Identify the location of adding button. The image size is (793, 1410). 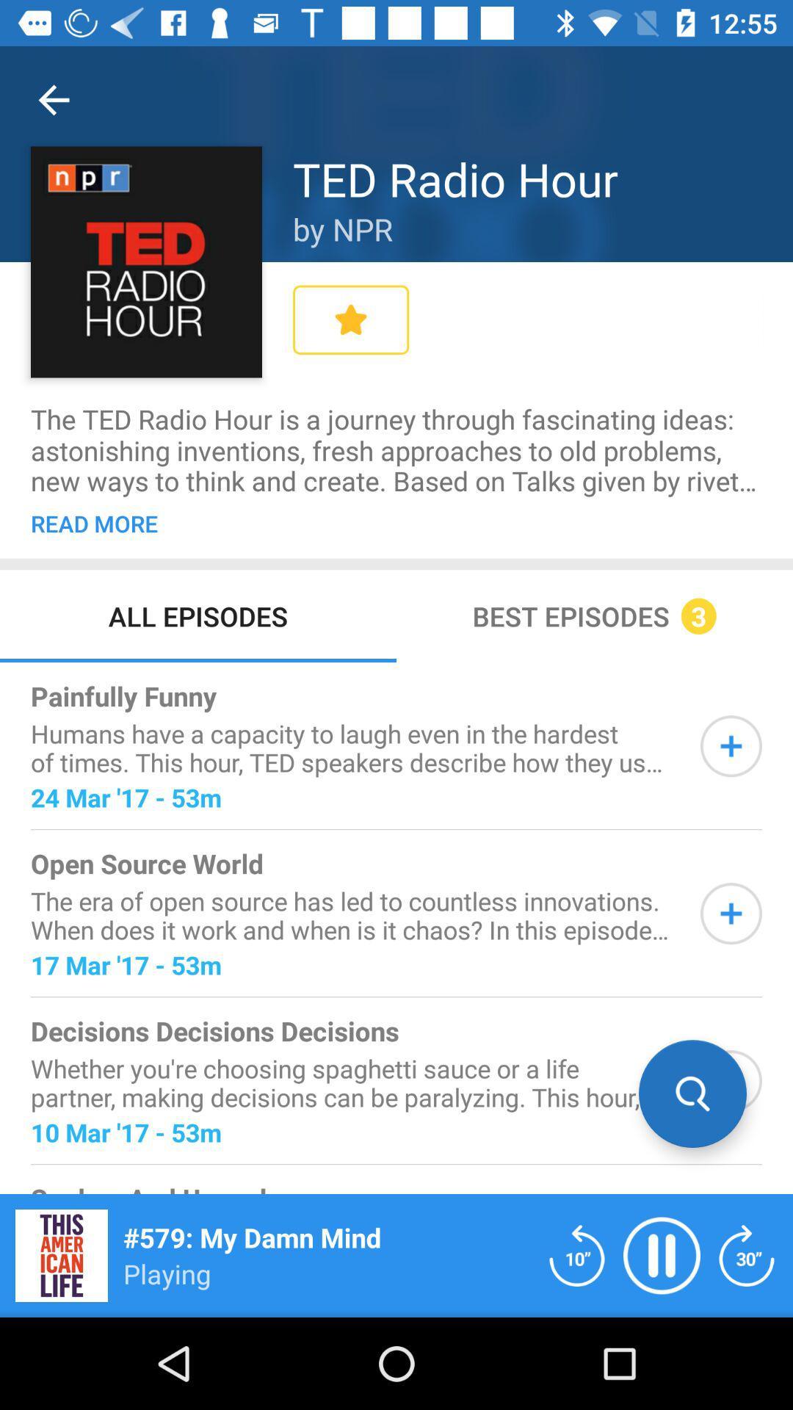
(731, 913).